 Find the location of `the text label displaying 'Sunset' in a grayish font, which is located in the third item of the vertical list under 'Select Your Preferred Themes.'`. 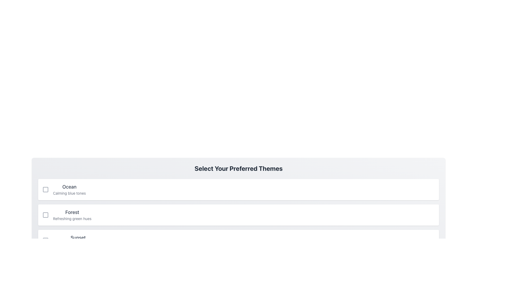

the text label displaying 'Sunset' in a grayish font, which is located in the third item of the vertical list under 'Select Your Preferred Themes.' is located at coordinates (78, 238).